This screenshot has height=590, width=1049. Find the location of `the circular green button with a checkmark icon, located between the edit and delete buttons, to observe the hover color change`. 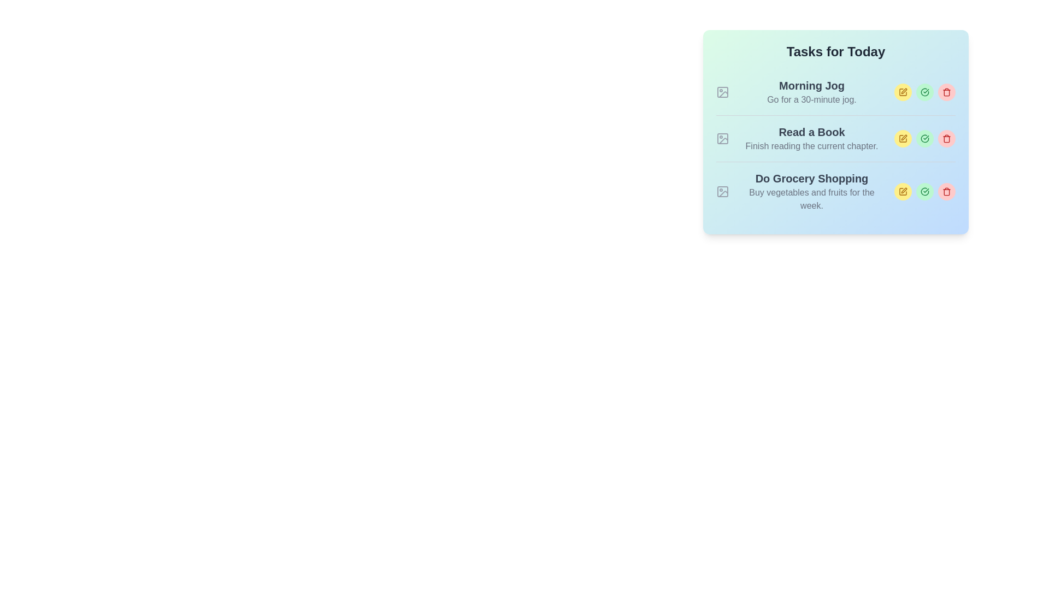

the circular green button with a checkmark icon, located between the edit and delete buttons, to observe the hover color change is located at coordinates (924, 138).